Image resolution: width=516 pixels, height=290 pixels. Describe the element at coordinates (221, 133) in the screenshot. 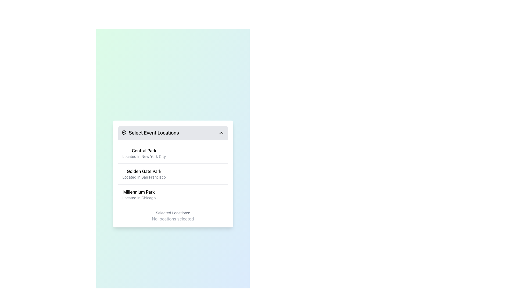

I see `the dropdown toggle icon located at the top-right corner of the 'Select Event Locations' panel header` at that location.